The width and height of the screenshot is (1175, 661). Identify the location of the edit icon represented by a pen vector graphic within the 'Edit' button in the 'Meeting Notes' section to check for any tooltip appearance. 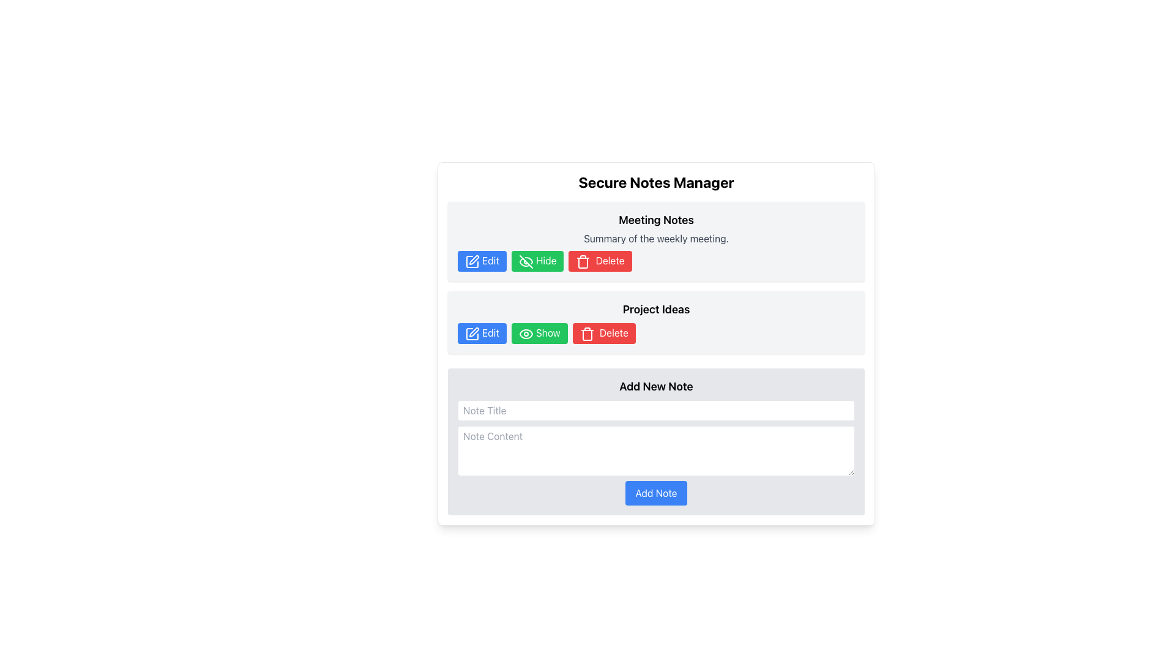
(473, 332).